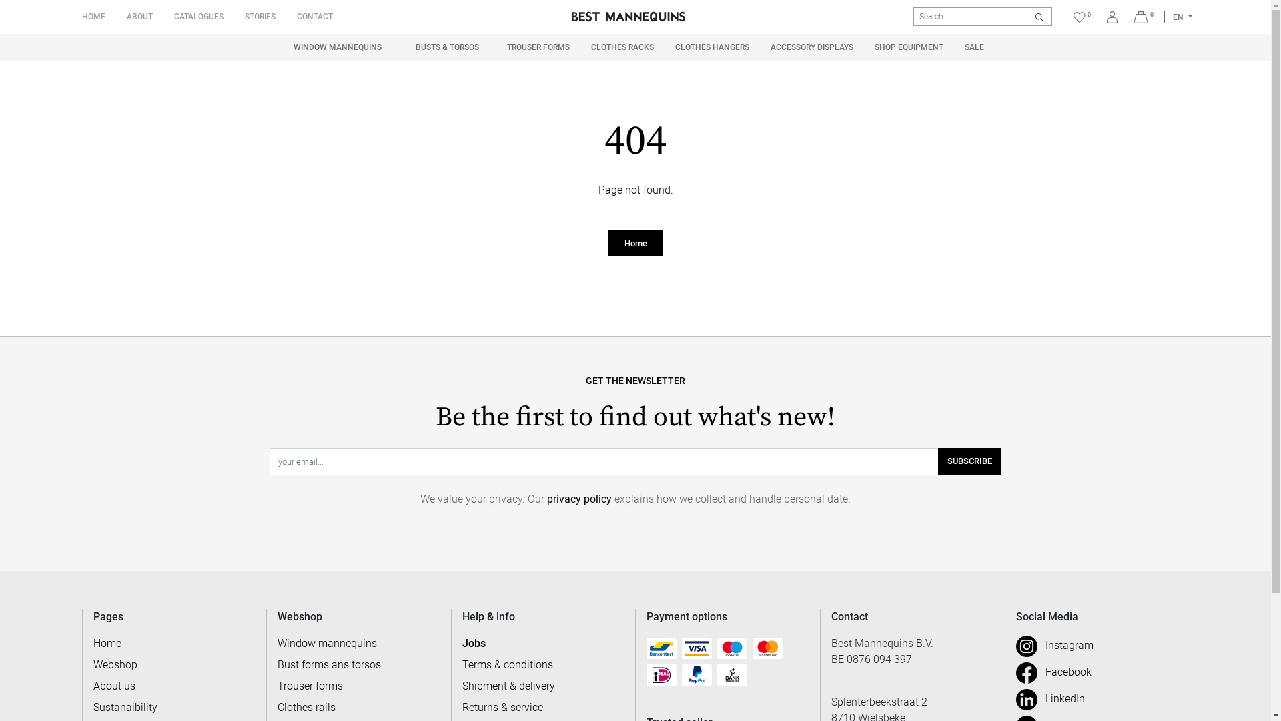  Describe the element at coordinates (811, 46) in the screenshot. I see `'ACCESSORY DISPLAYS'` at that location.